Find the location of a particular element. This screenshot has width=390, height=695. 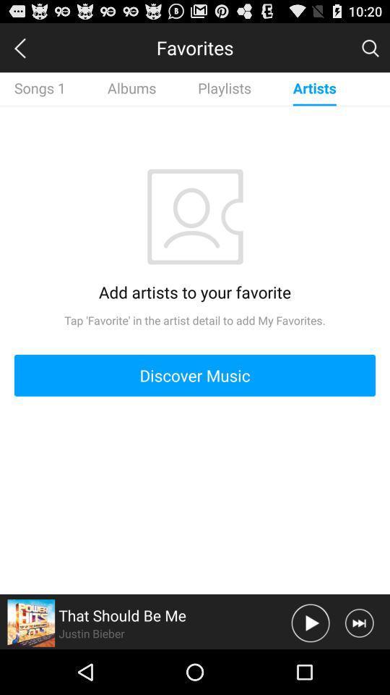

the search icon is located at coordinates (370, 51).